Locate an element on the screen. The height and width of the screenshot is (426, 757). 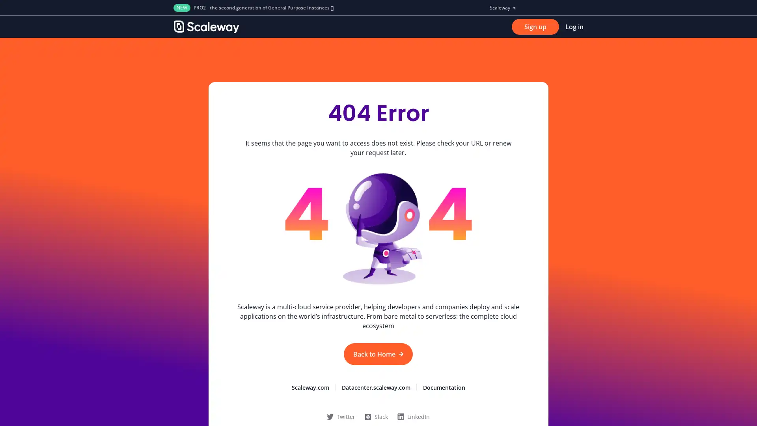
DEVELOPERS is located at coordinates (311, 26).